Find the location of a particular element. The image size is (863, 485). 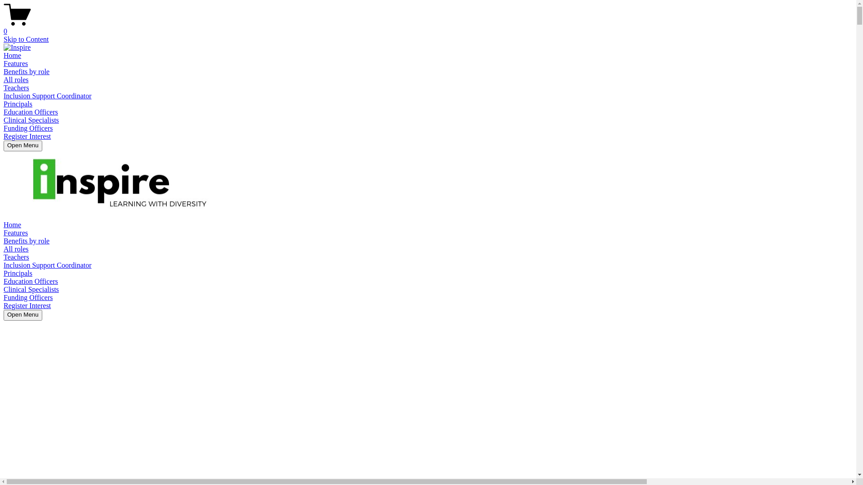

'Open Menu' is located at coordinates (23, 315).